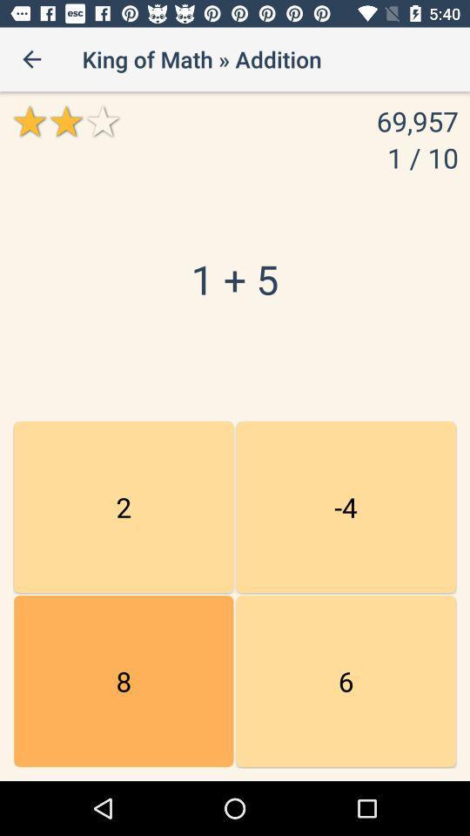 This screenshot has width=470, height=836. What do you see at coordinates (346, 507) in the screenshot?
I see `item on the right` at bounding box center [346, 507].